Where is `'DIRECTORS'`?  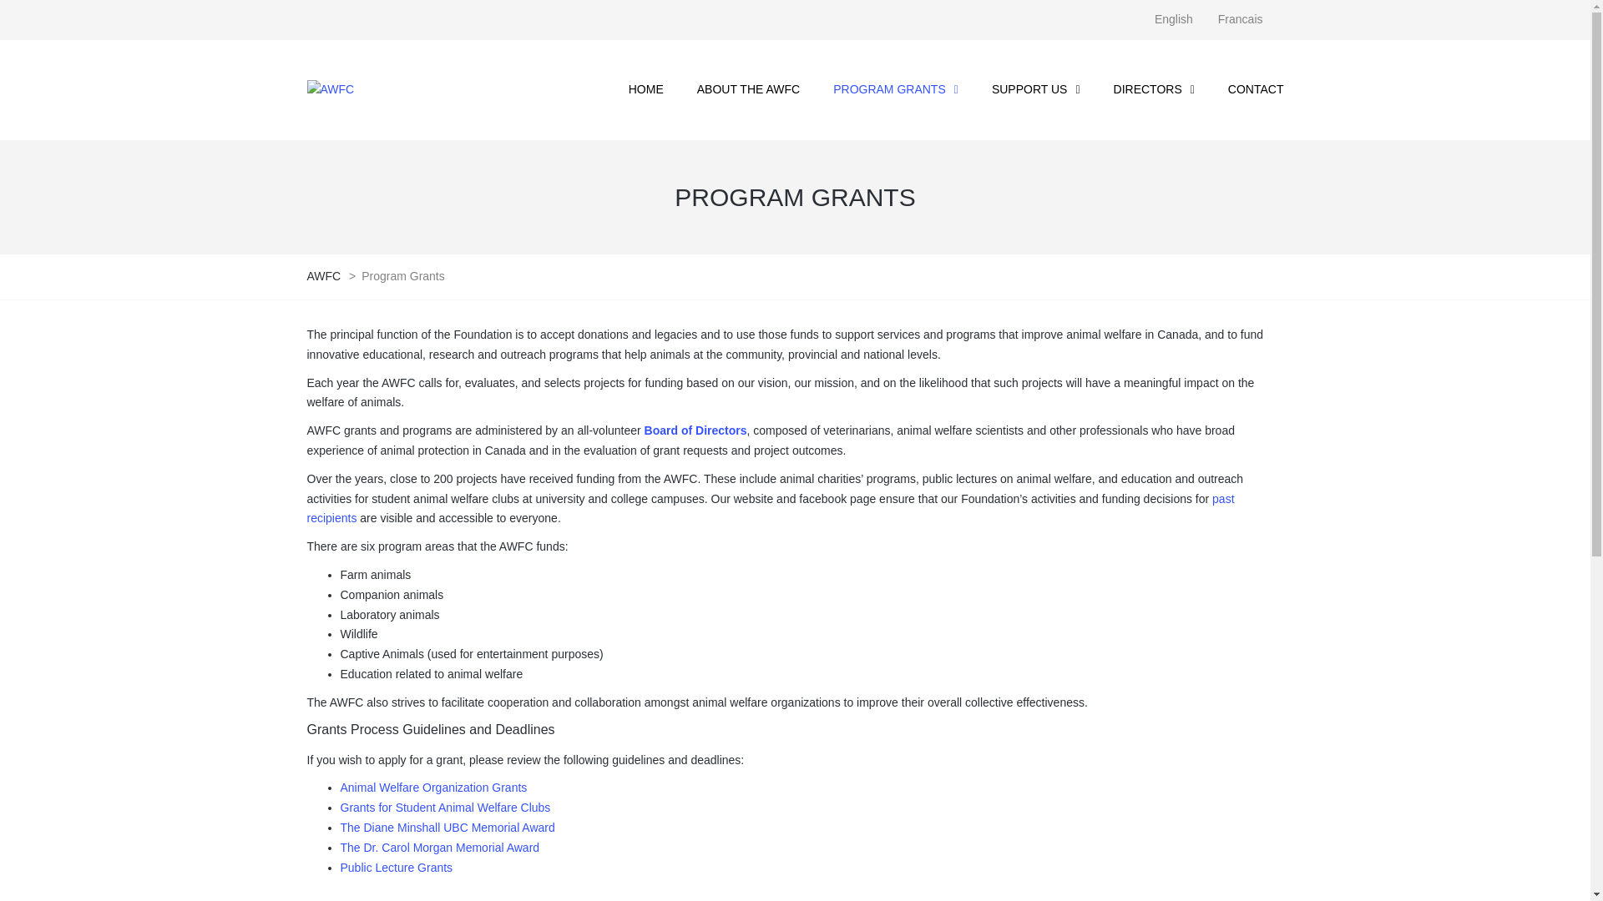 'DIRECTORS' is located at coordinates (1153, 90).